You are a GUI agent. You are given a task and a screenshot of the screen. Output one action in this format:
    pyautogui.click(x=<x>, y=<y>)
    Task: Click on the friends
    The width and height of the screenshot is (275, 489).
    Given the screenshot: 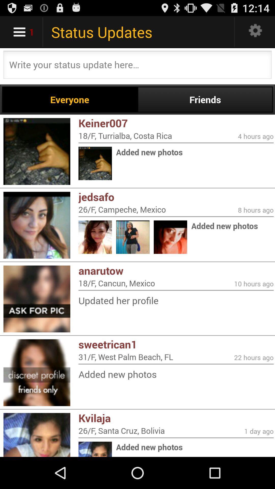 What is the action you would take?
    pyautogui.click(x=205, y=99)
    